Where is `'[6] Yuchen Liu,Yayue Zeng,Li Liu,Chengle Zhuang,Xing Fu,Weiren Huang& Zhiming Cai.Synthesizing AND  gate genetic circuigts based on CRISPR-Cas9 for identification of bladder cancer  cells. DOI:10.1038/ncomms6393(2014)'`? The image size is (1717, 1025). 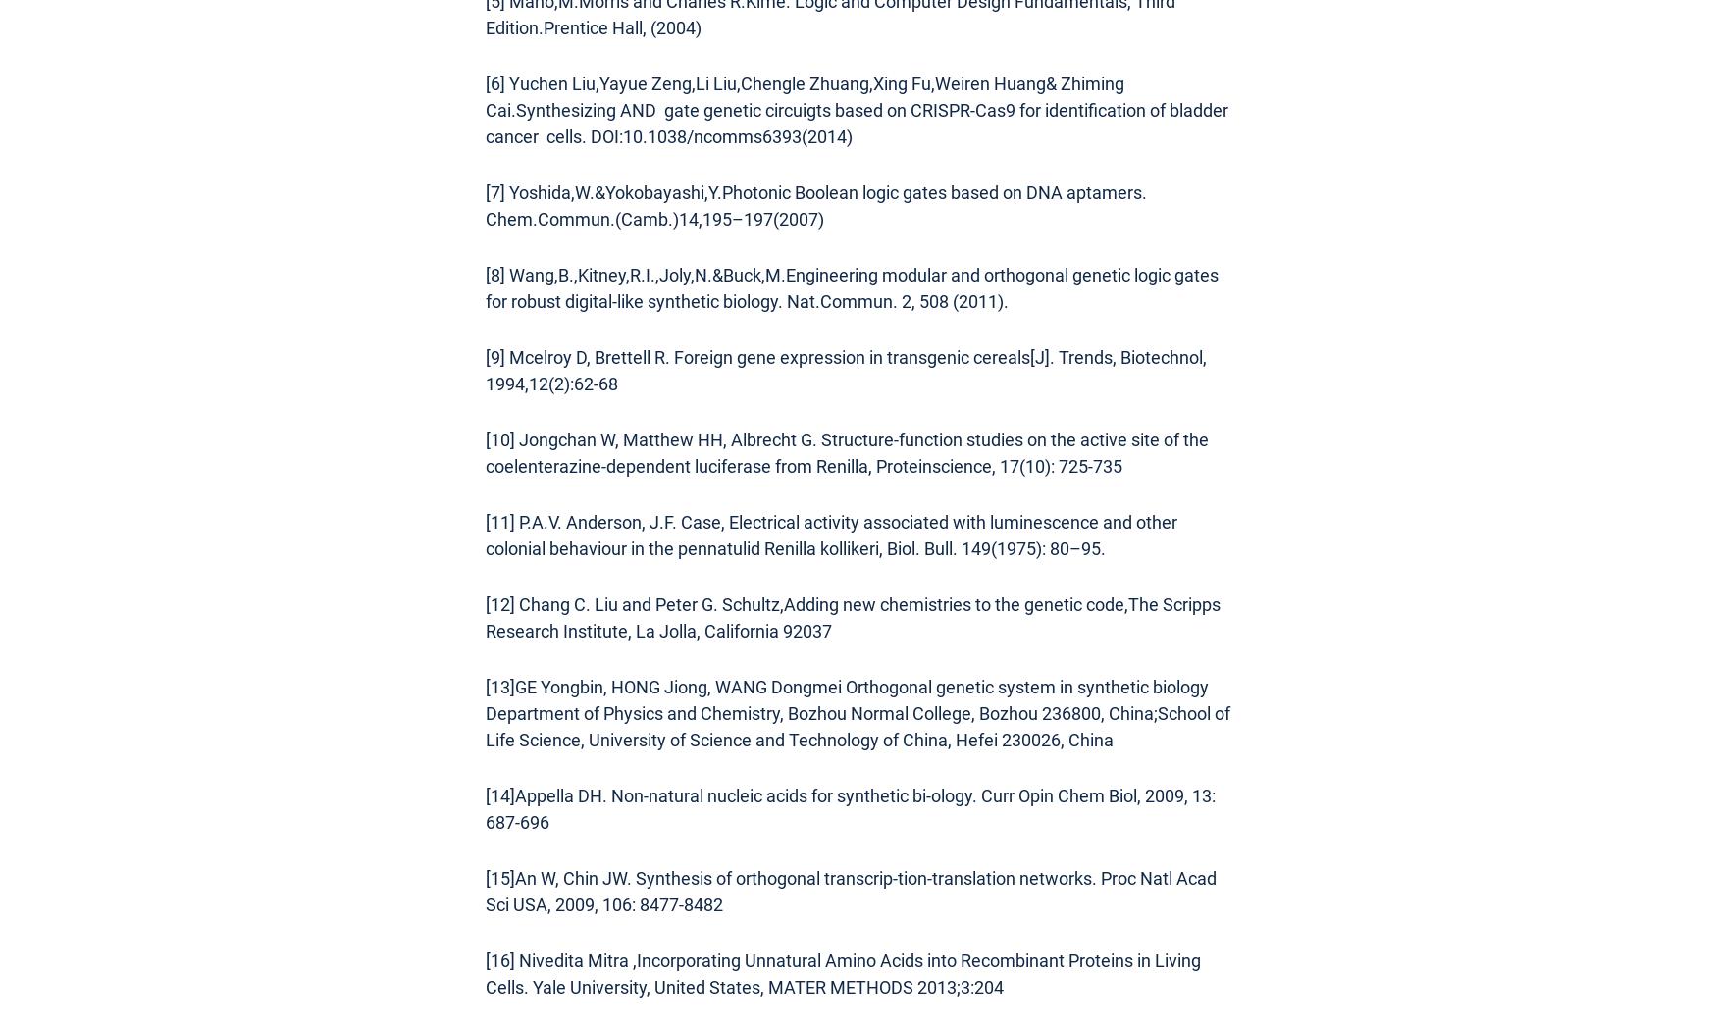 '[6] Yuchen Liu,Yayue Zeng,Li Liu,Chengle Zhuang,Xing Fu,Weiren Huang& Zhiming Cai.Synthesizing AND  gate genetic circuigts based on CRISPR-Cas9 for identification of bladder cancer  cells. DOI:10.1038/ncomms6393(2014)' is located at coordinates (857, 110).